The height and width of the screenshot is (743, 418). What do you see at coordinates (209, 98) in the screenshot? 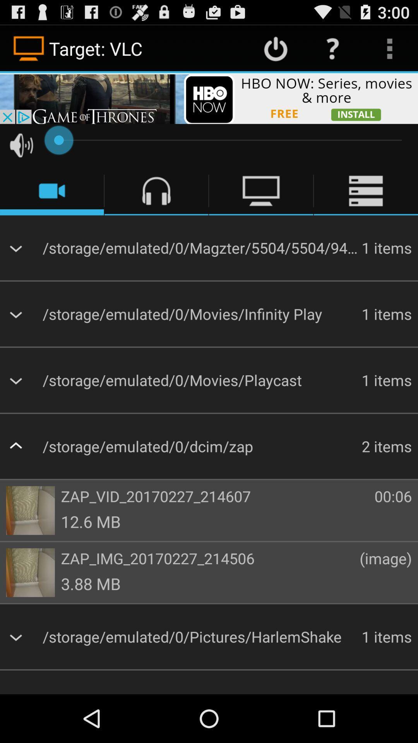
I see `advertisement page` at bounding box center [209, 98].